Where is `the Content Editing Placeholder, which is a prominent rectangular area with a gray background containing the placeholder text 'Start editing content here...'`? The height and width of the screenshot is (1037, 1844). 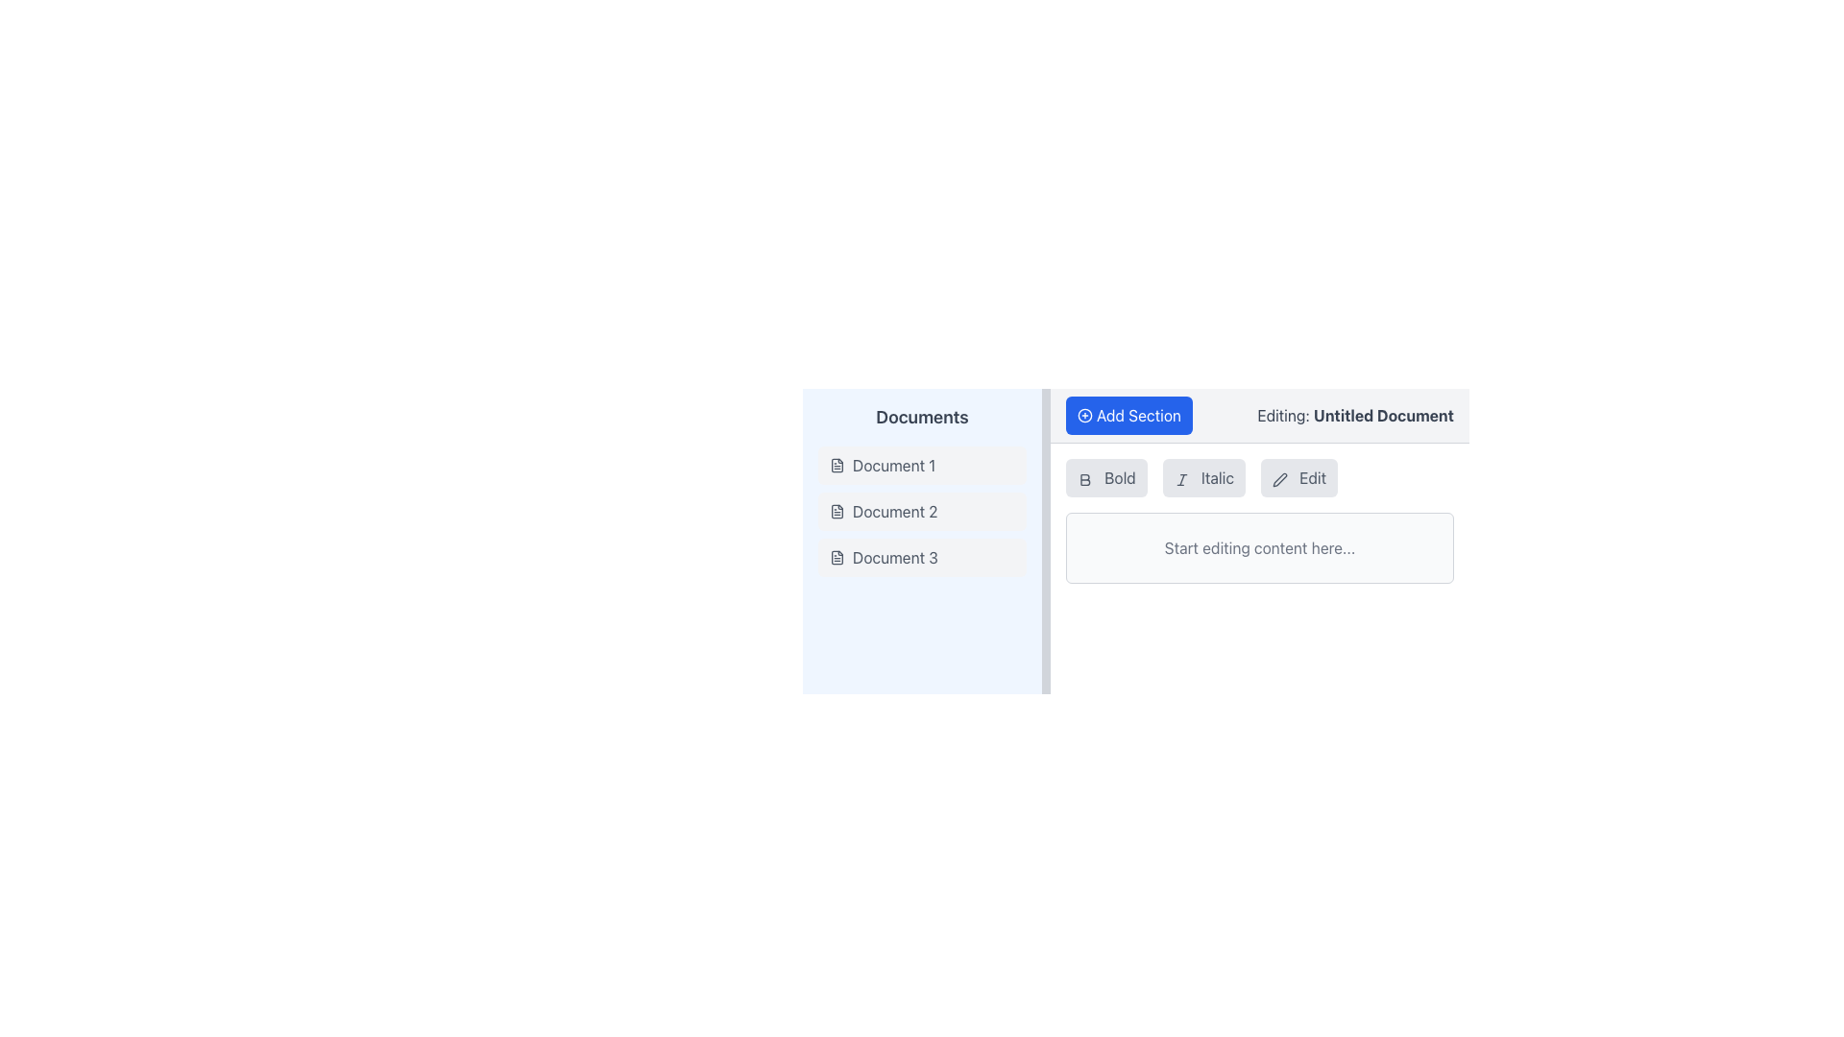
the Content Editing Placeholder, which is a prominent rectangular area with a gray background containing the placeholder text 'Start editing content here...' is located at coordinates (1259, 547).